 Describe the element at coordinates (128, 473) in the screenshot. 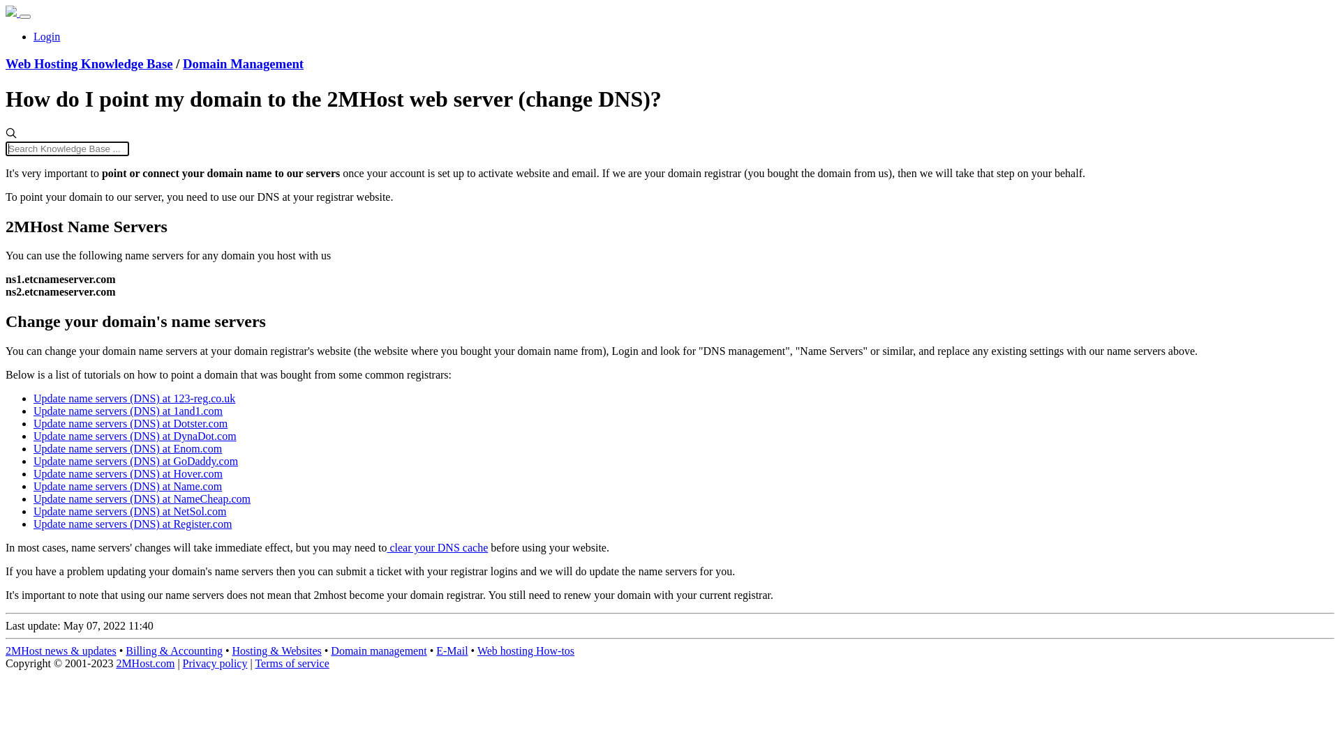

I see `'Update name servers (DNS) at Hover.com'` at that location.